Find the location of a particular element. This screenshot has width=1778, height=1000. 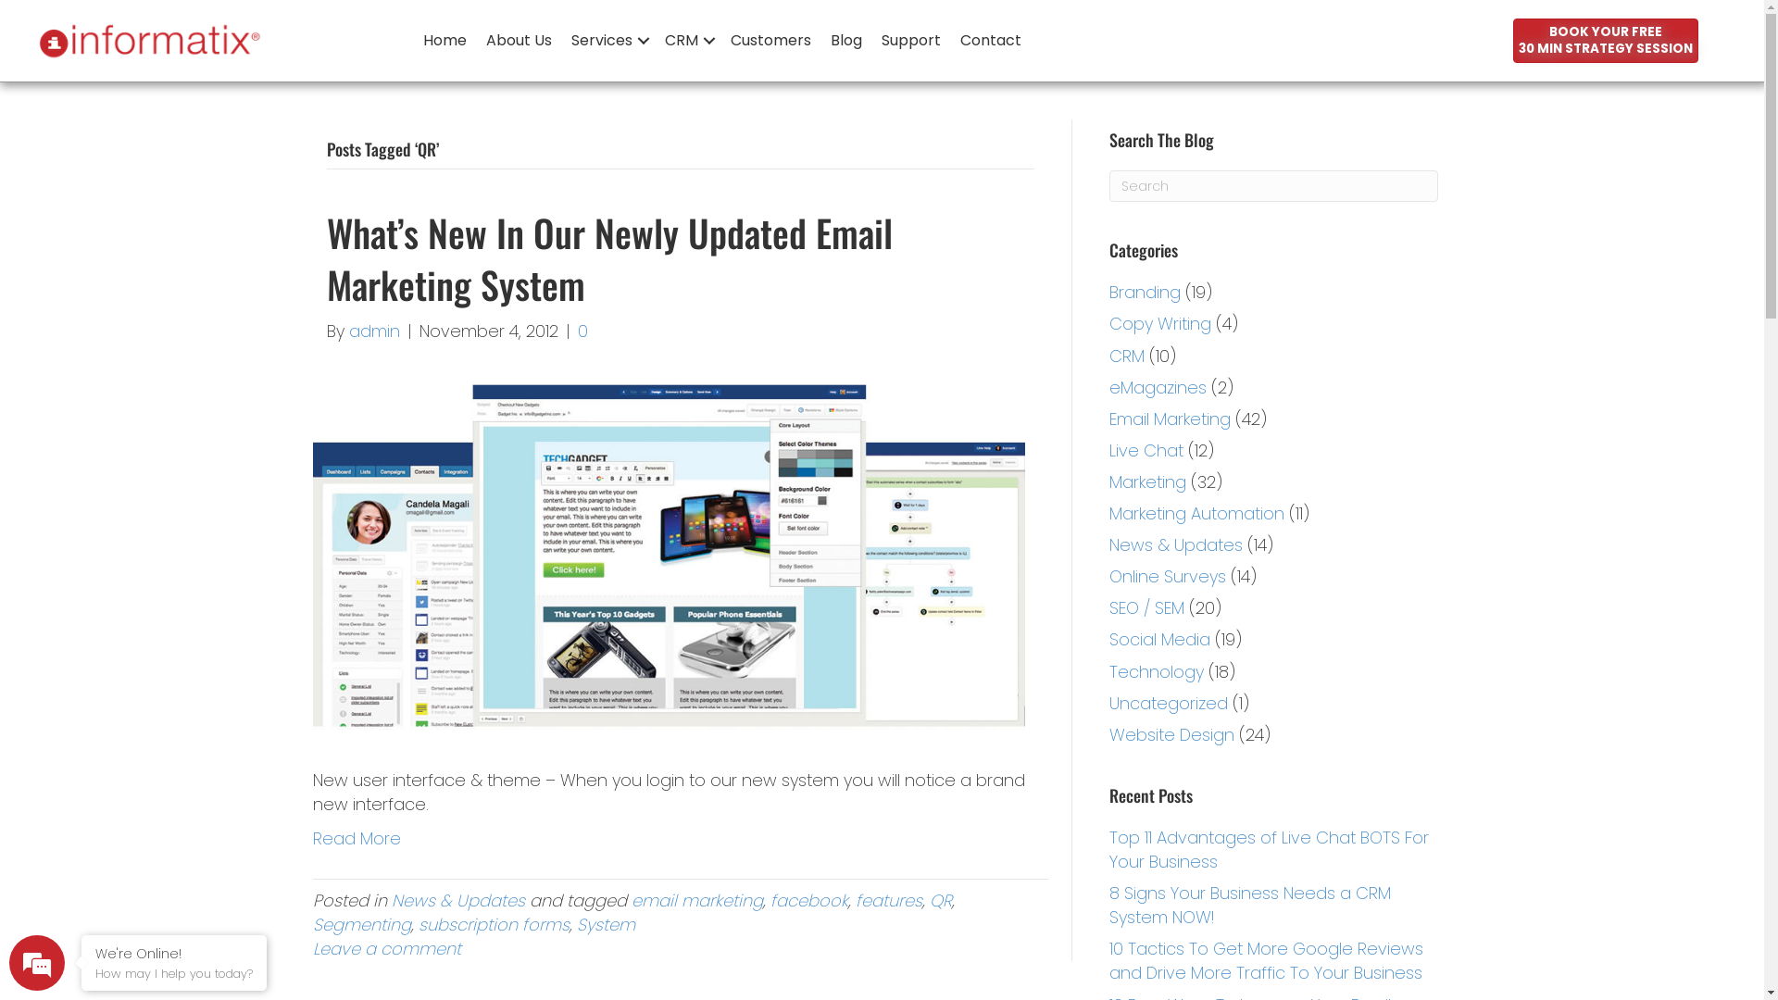

'SEO / SEM' is located at coordinates (1109, 607).